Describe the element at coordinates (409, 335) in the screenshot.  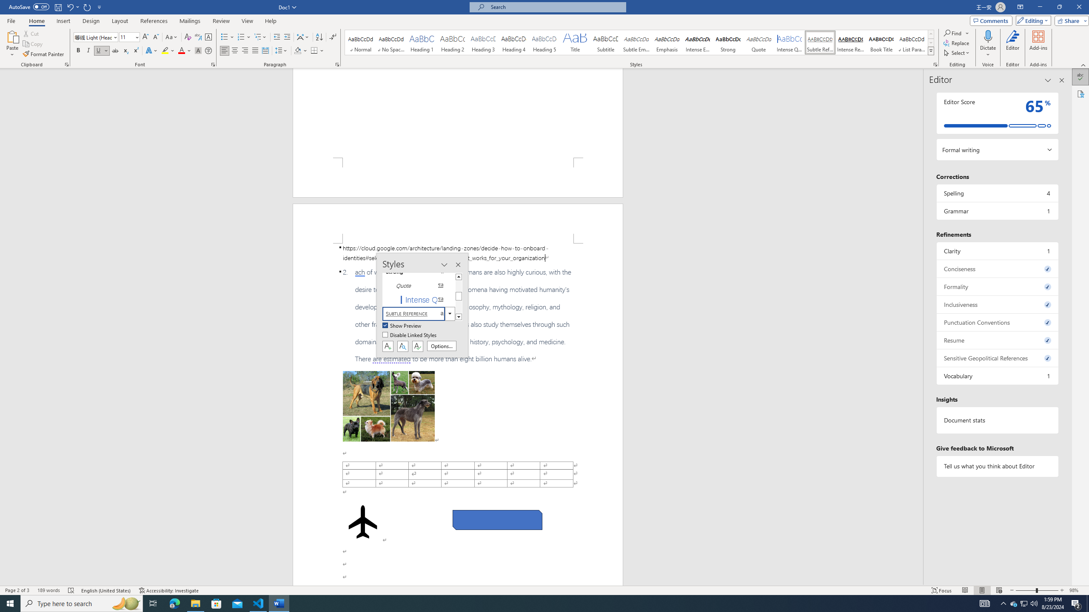
I see `'Disable Linked Styles'` at that location.